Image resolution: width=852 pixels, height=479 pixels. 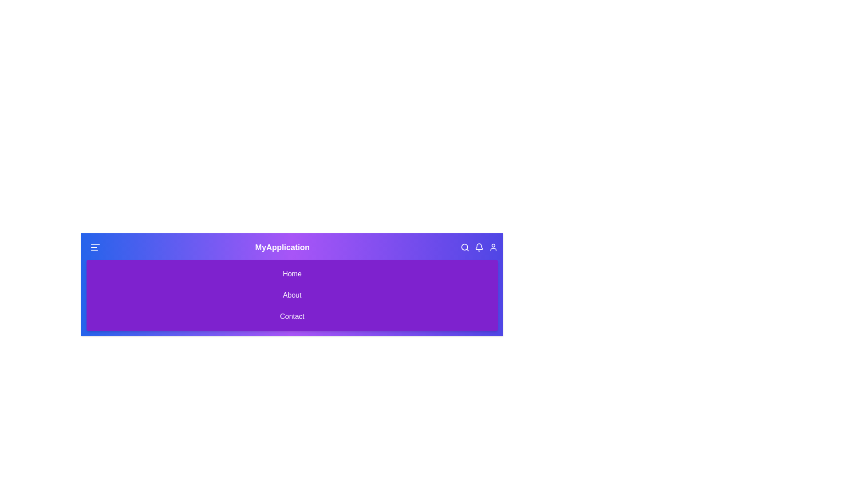 What do you see at coordinates (292, 316) in the screenshot?
I see `the 'Contact' menu item to navigate to the 'Contact' section` at bounding box center [292, 316].